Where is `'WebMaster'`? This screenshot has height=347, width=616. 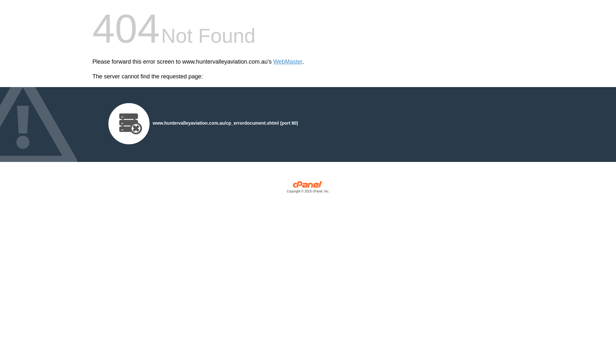 'WebMaster' is located at coordinates (287, 62).